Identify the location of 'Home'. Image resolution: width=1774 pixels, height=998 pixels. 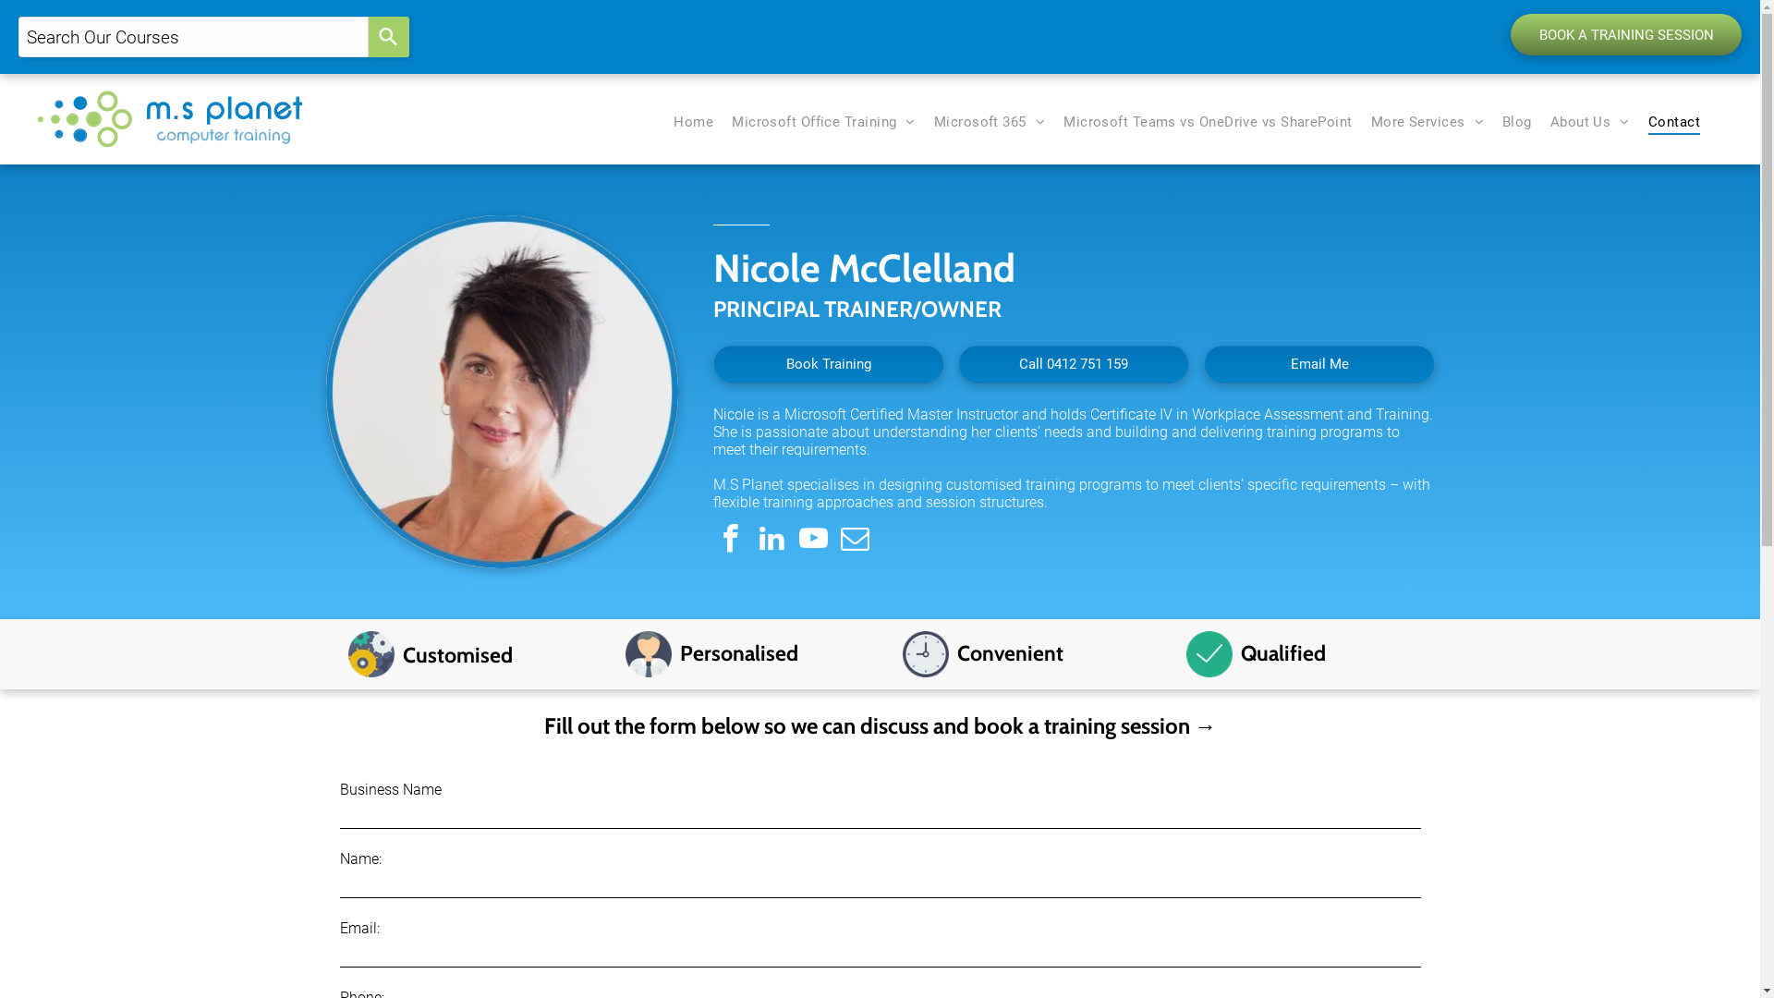
(692, 121).